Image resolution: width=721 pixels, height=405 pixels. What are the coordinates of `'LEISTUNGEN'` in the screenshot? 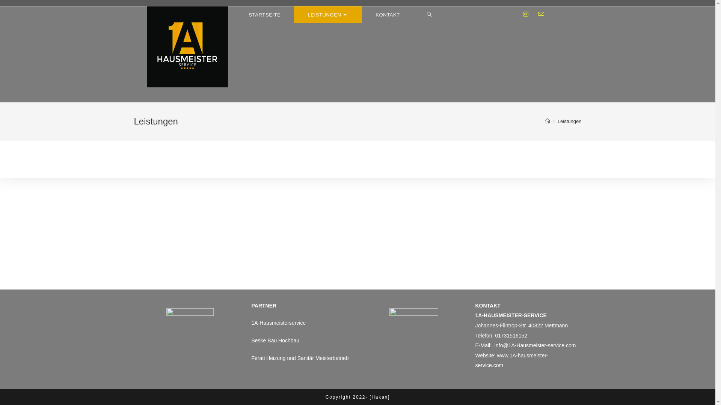 It's located at (293, 15).